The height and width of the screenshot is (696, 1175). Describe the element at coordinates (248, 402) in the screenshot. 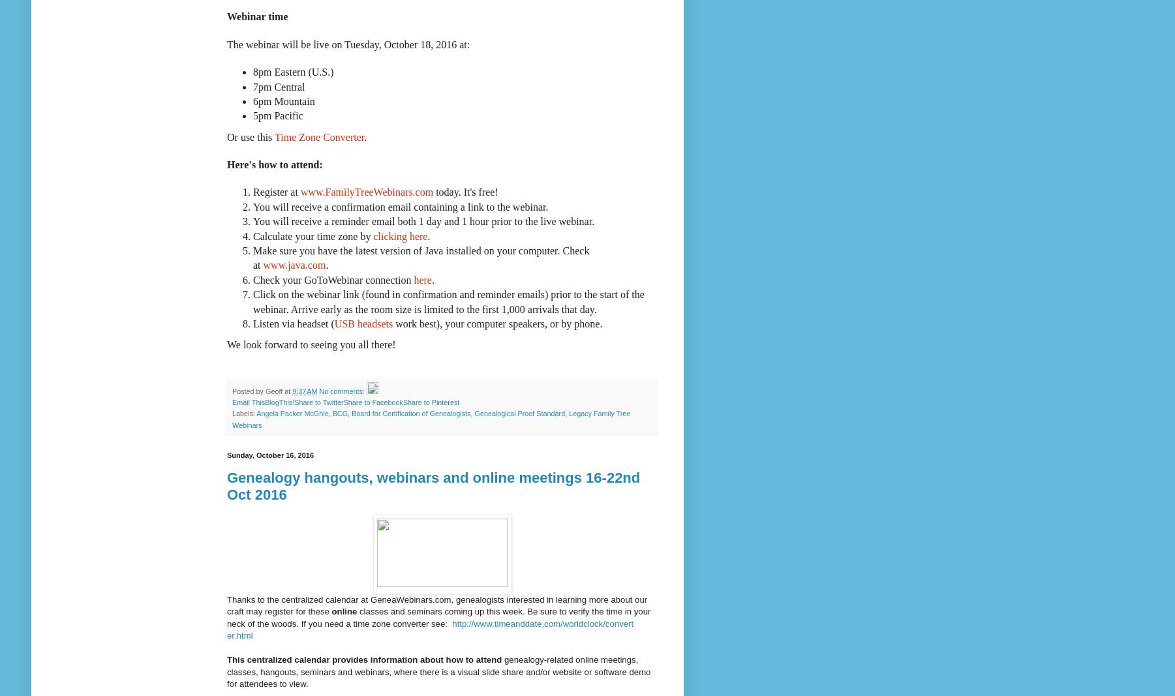

I see `'Email This'` at that location.